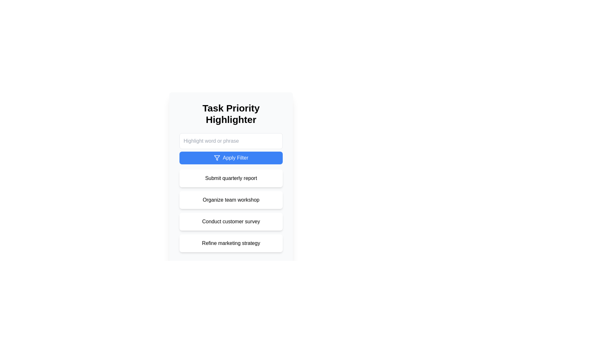 The width and height of the screenshot is (612, 344). I want to click on the button labeled 'Organize team workshop', so click(230, 200).